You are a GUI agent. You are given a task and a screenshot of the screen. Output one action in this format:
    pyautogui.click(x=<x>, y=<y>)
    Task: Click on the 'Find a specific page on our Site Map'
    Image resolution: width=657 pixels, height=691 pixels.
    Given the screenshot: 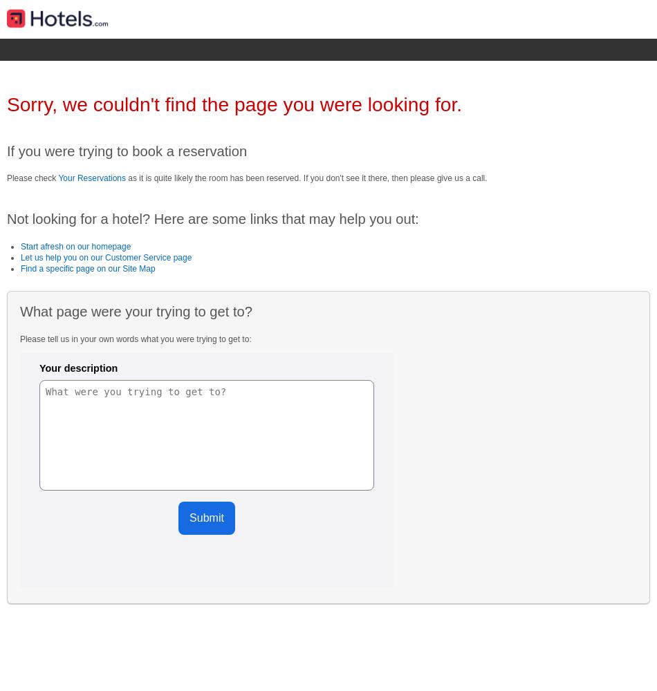 What is the action you would take?
    pyautogui.click(x=87, y=269)
    